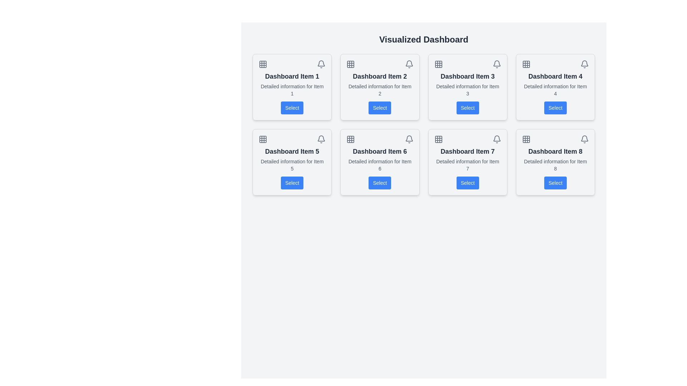 The image size is (687, 386). Describe the element at coordinates (438, 64) in the screenshot. I see `the grid layout icon located in the card labeled 'Dashboard Item 3'` at that location.